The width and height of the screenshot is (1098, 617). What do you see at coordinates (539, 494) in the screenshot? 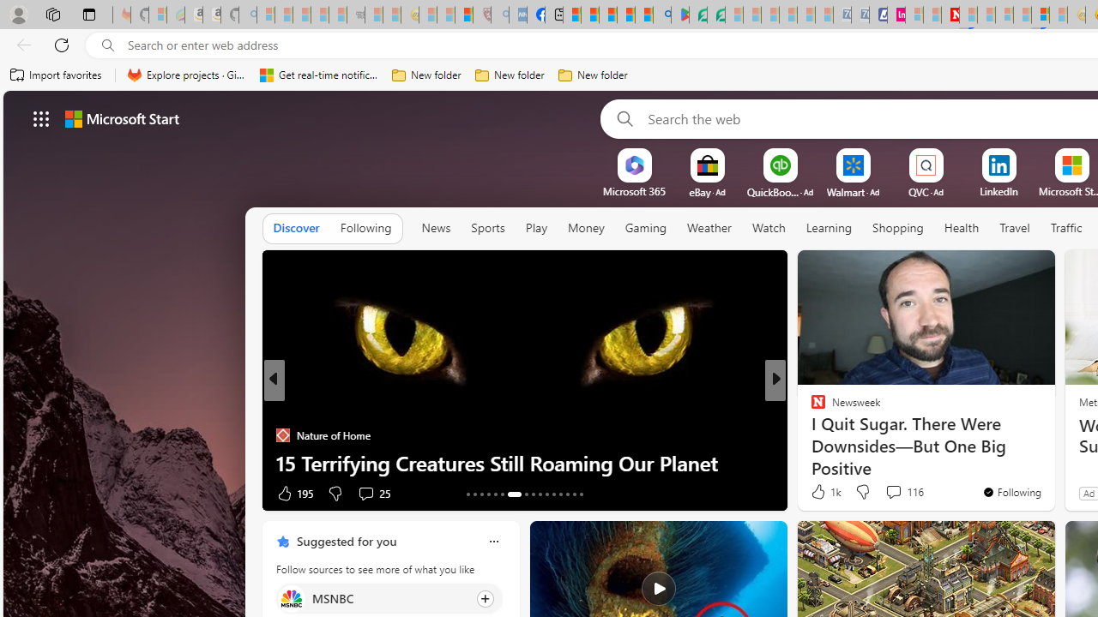
I see `'AutomationID: tab-22'` at bounding box center [539, 494].